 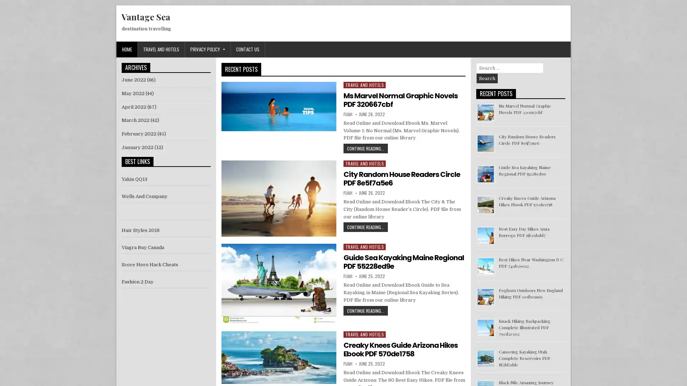 What do you see at coordinates (487, 78) in the screenshot?
I see `Search` at bounding box center [487, 78].